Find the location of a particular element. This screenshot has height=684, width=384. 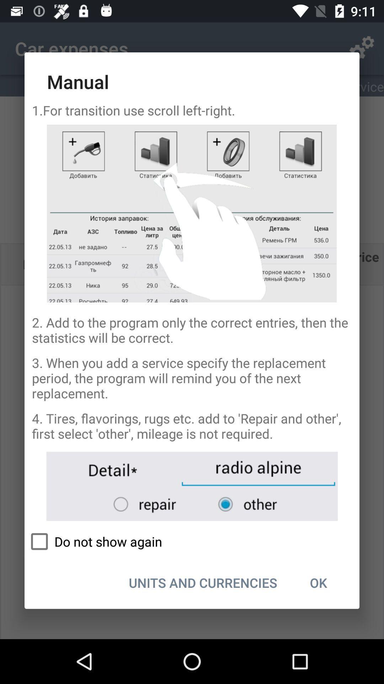

item below the do not show icon is located at coordinates (203, 582).